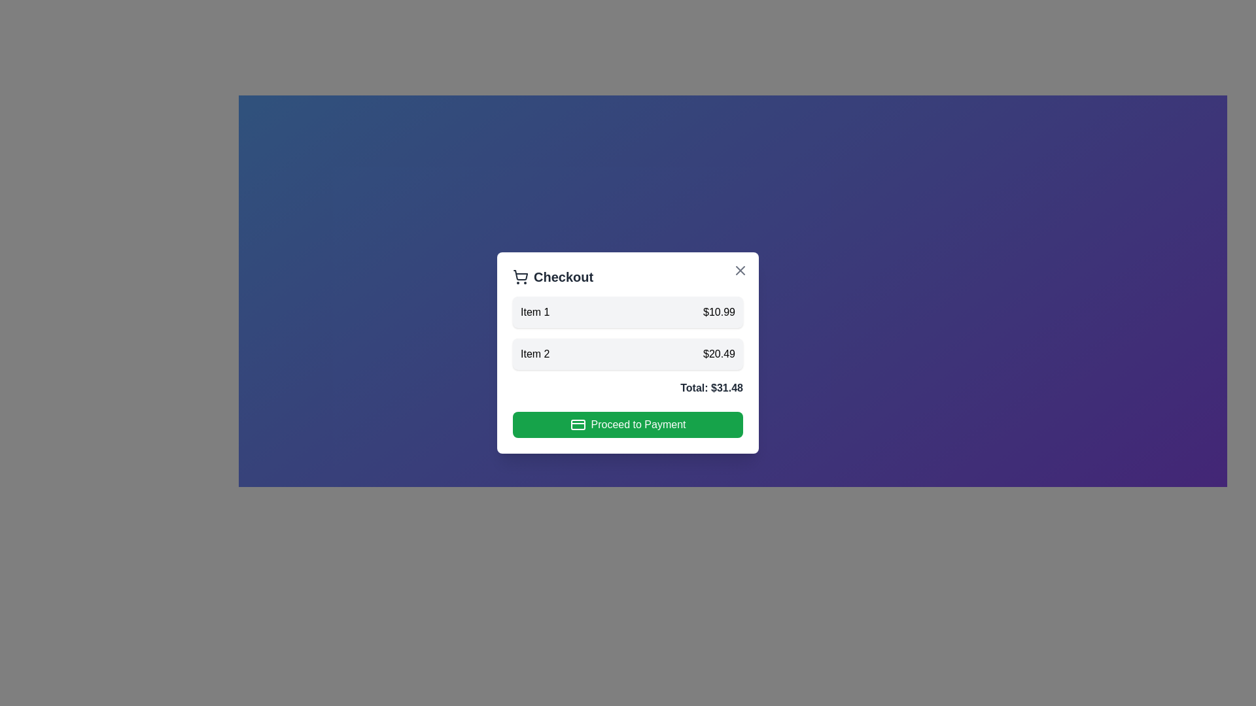 The image size is (1256, 706). What do you see at coordinates (718, 354) in the screenshot?
I see `the label displaying the price '$20.49', styled in black font on a white background, located on the second row of the checkout item list, directly to the right of 'Item 2'` at bounding box center [718, 354].